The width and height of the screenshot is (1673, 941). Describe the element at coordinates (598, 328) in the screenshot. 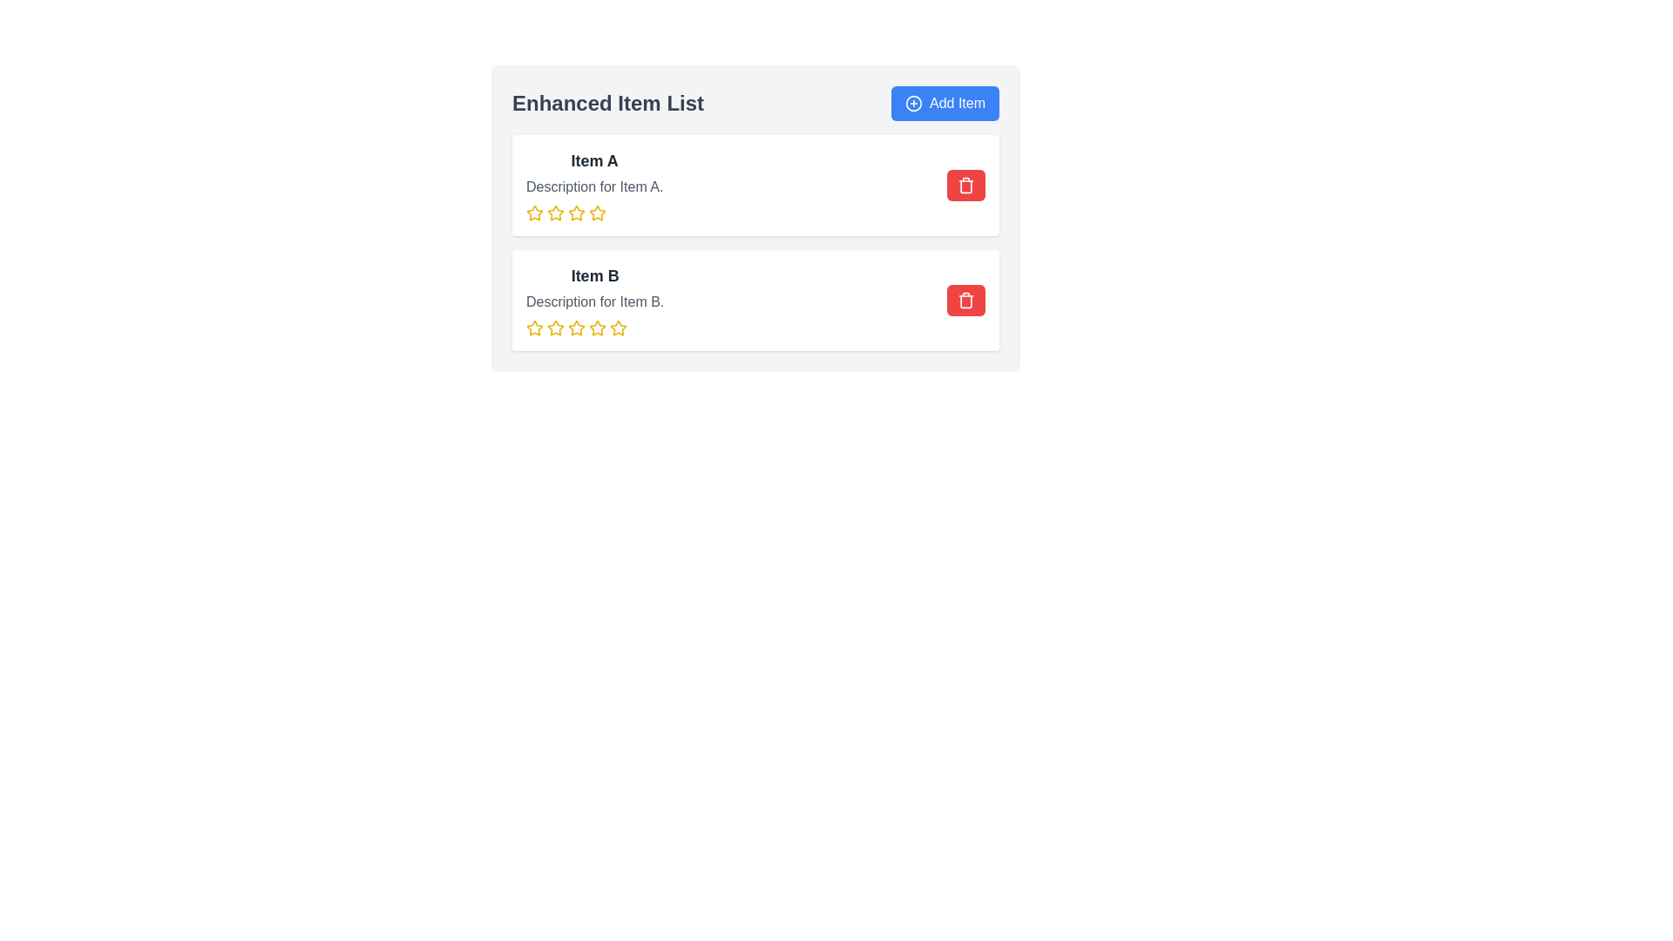

I see `the sixth star-shaped icon outlined in yellow, which represents a filled or interactive rating star under the 'Item B' section in the 'Enhanced Item List' widget` at that location.